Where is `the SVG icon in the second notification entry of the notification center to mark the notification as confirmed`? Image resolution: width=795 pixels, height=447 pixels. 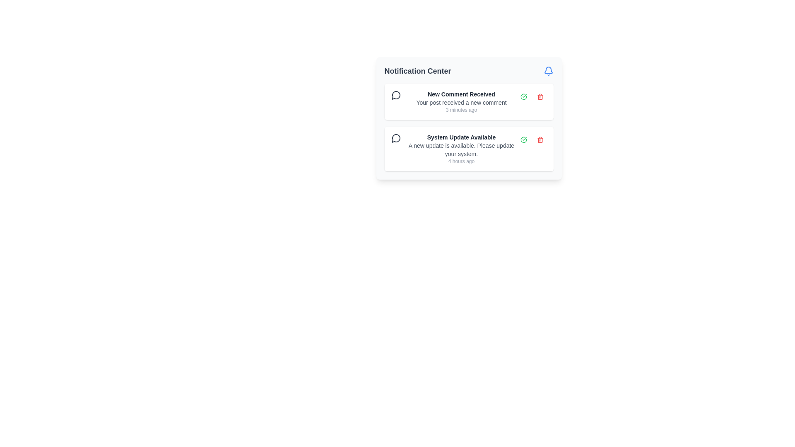 the SVG icon in the second notification entry of the notification center to mark the notification as confirmed is located at coordinates (523, 139).